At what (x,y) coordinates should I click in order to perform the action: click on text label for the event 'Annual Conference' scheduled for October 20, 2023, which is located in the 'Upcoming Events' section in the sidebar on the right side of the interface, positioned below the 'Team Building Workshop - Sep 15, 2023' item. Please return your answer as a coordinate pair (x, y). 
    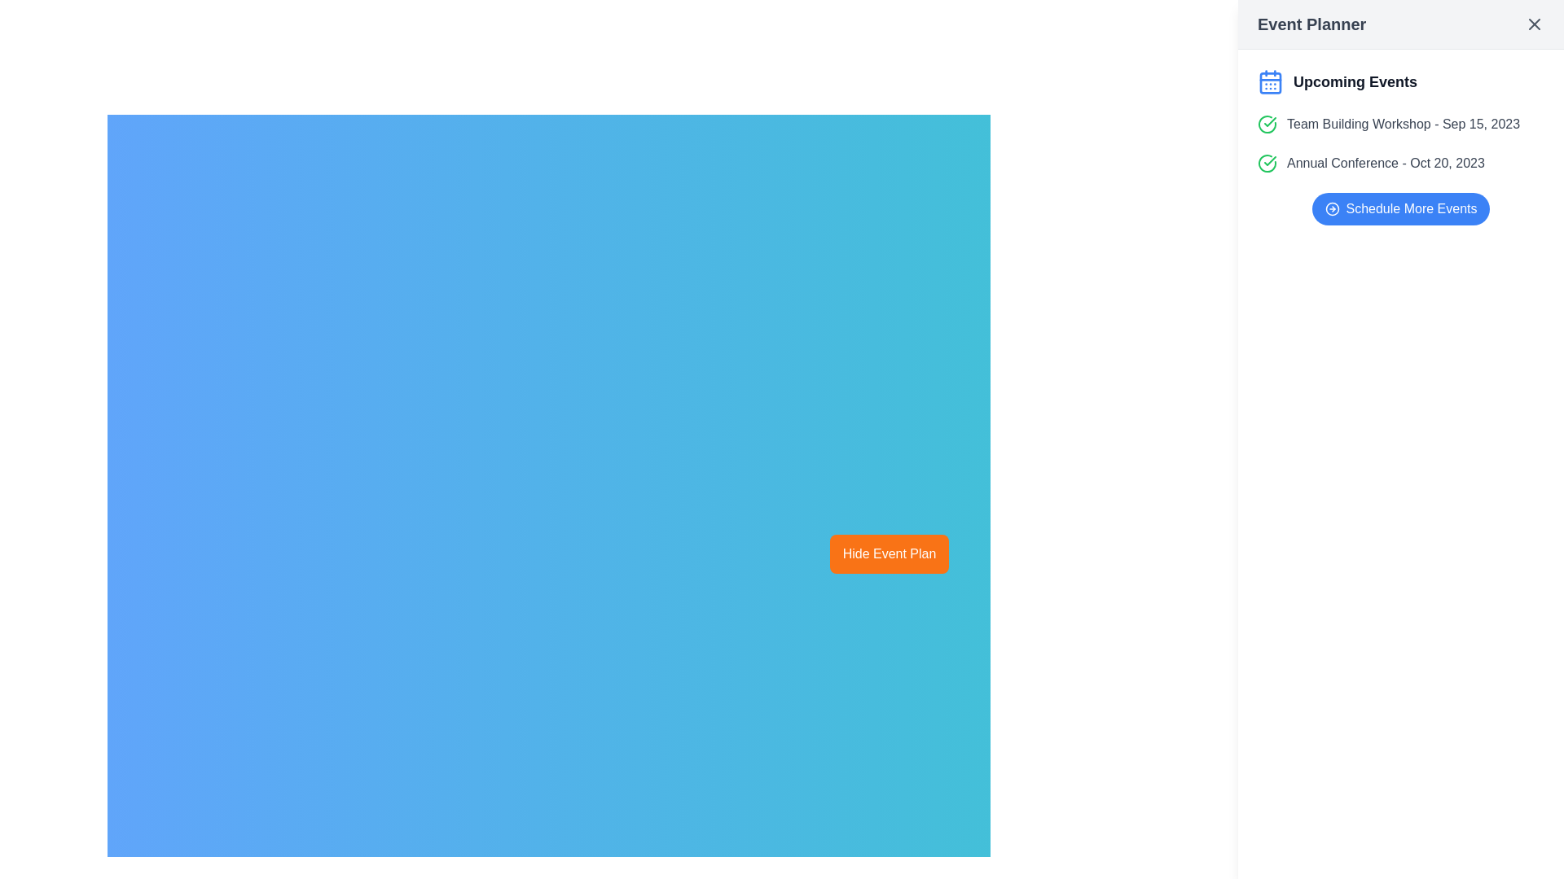
    Looking at the image, I should click on (1385, 163).